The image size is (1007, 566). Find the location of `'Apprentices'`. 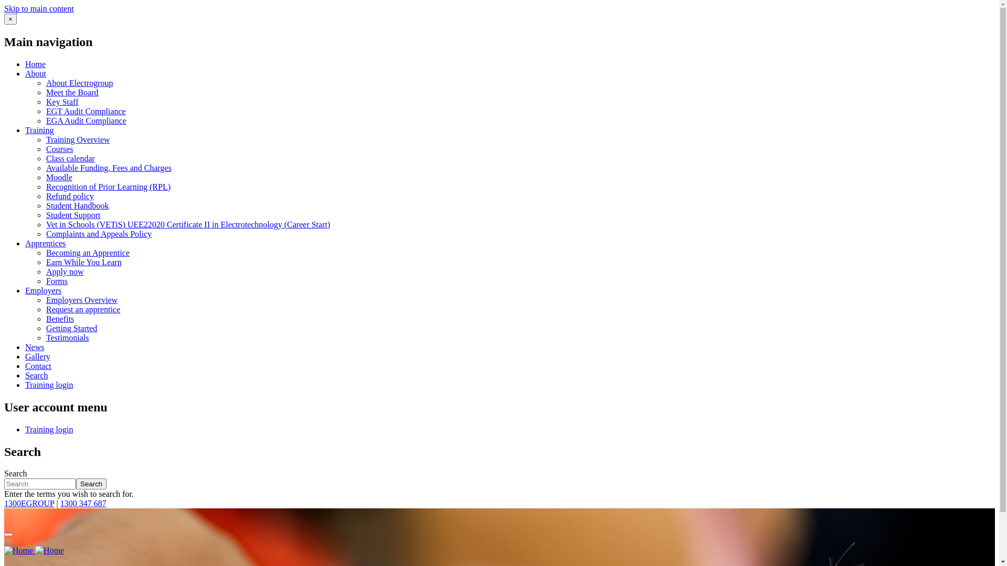

'Apprentices' is located at coordinates (45, 243).